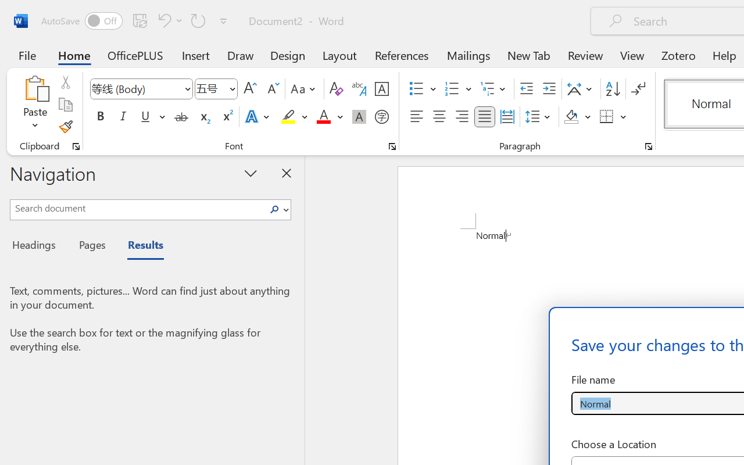 This screenshot has height=465, width=744. I want to click on 'Underline', so click(145, 117).